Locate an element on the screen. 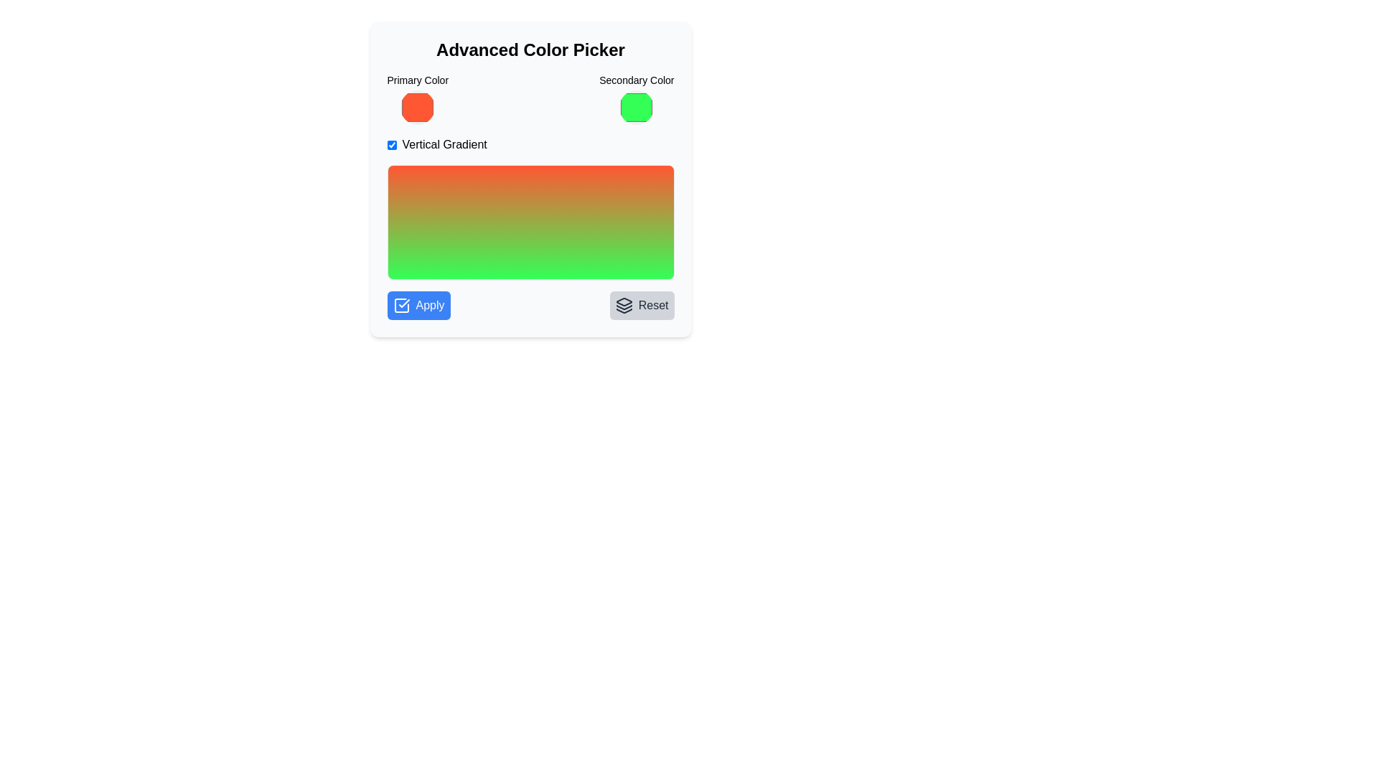 The height and width of the screenshot is (775, 1378). the Text Label describing the option of applying a vertical gradient, located below the 'Primary Color' and 'Secondary Color' headings and to the right of a checkbox is located at coordinates (444, 144).